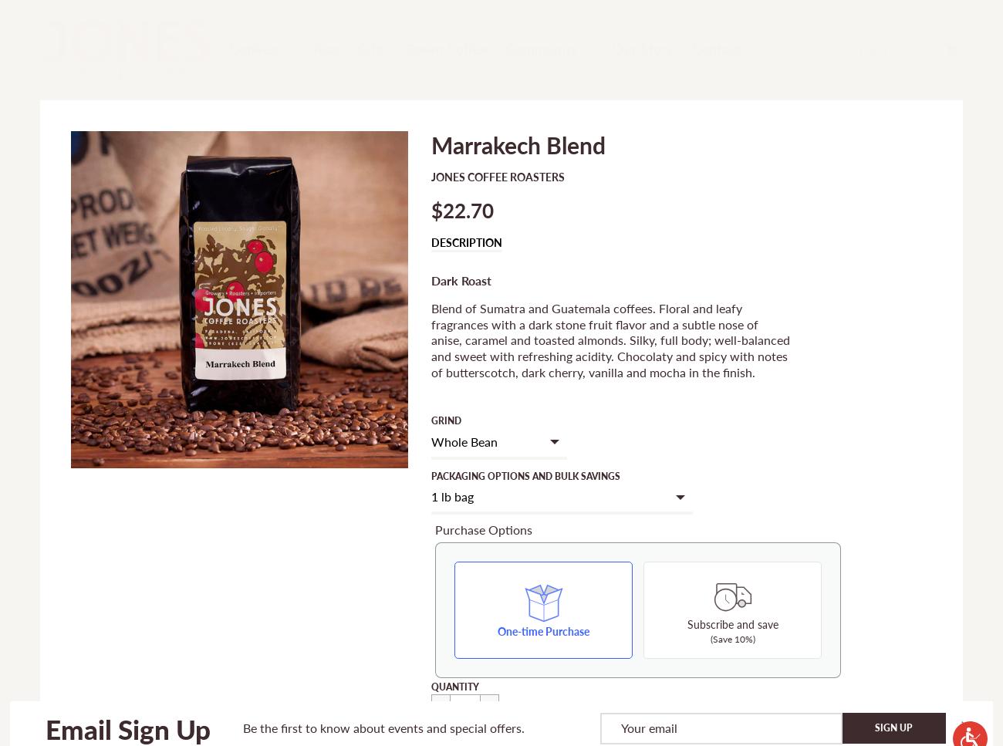 The height and width of the screenshot is (746, 1003). Describe the element at coordinates (547, 723) in the screenshot. I see `'Cart Error'` at that location.